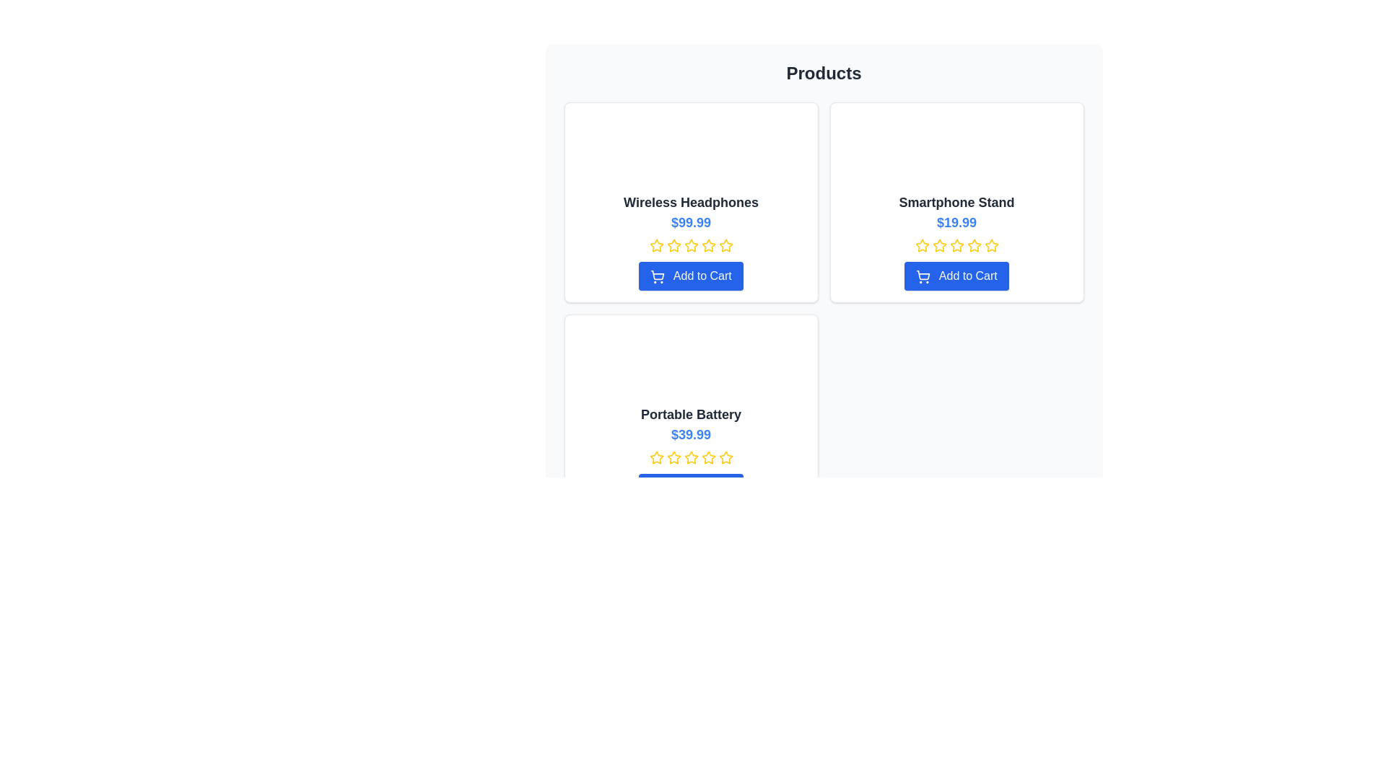 This screenshot has height=779, width=1386. I want to click on the shopping cart icon, which is a white icon on a blue button, located to the left of the 'Add to Cart' text below the 'Wireless Headphones' section, so click(657, 276).